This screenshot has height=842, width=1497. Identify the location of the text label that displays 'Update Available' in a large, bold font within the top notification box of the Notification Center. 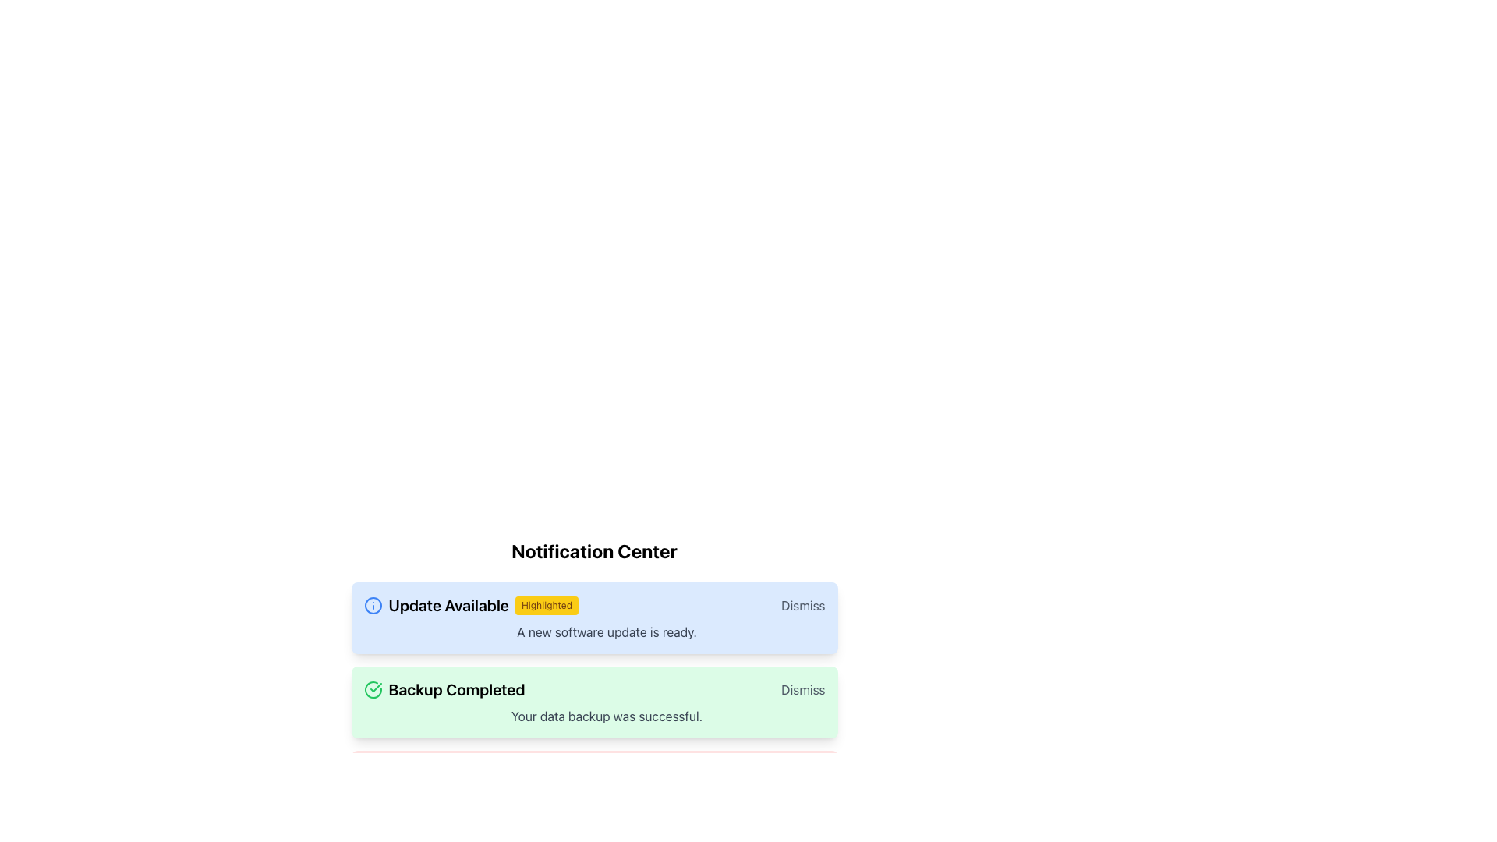
(448, 604).